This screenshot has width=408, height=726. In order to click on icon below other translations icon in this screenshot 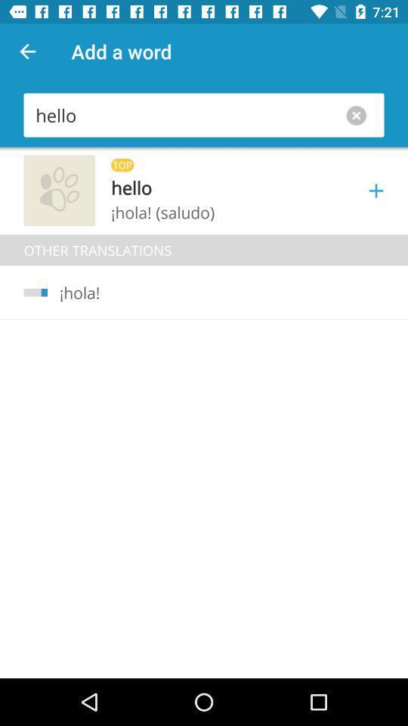, I will do `click(73, 292)`.